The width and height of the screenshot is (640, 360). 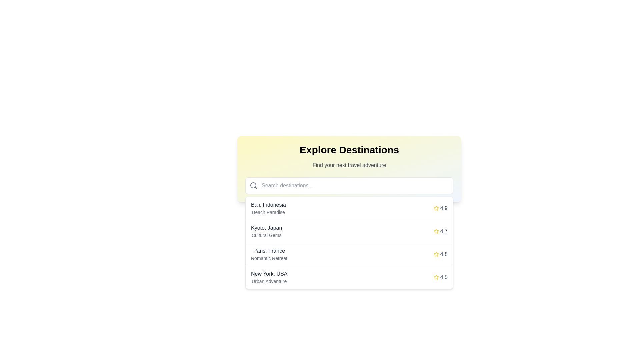 What do you see at coordinates (349, 165) in the screenshot?
I see `the subheading text element providing context for exploring travel destinations, located below 'Explore Destinations' and above the search input field` at bounding box center [349, 165].